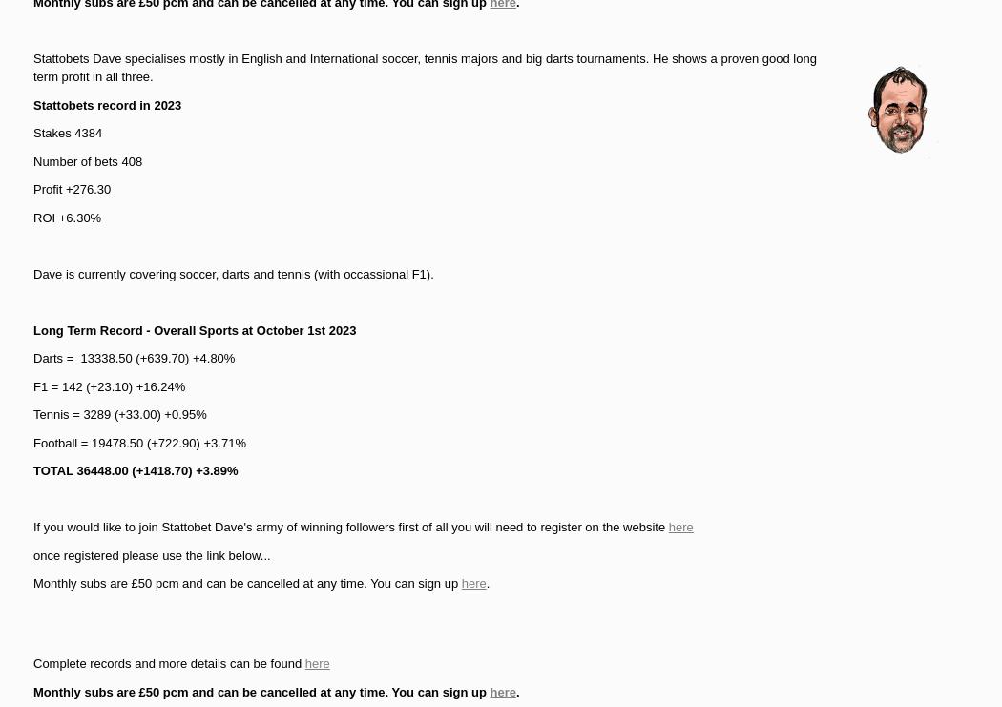  What do you see at coordinates (151, 553) in the screenshot?
I see `'once registered please use the link below...'` at bounding box center [151, 553].